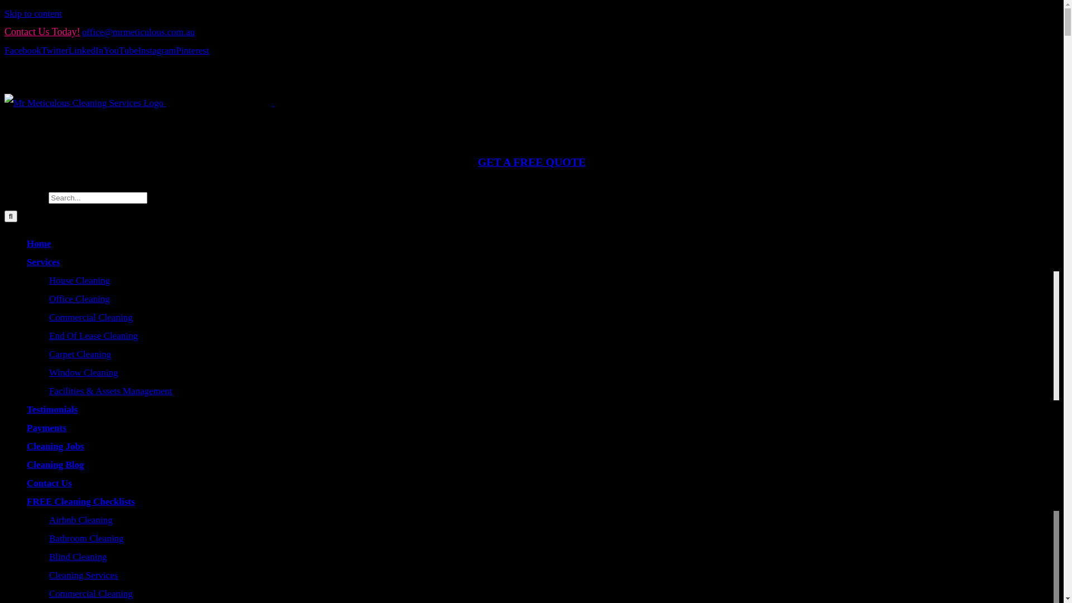  Describe the element at coordinates (27, 501) in the screenshot. I see `'FREE Cleaning Checklists'` at that location.